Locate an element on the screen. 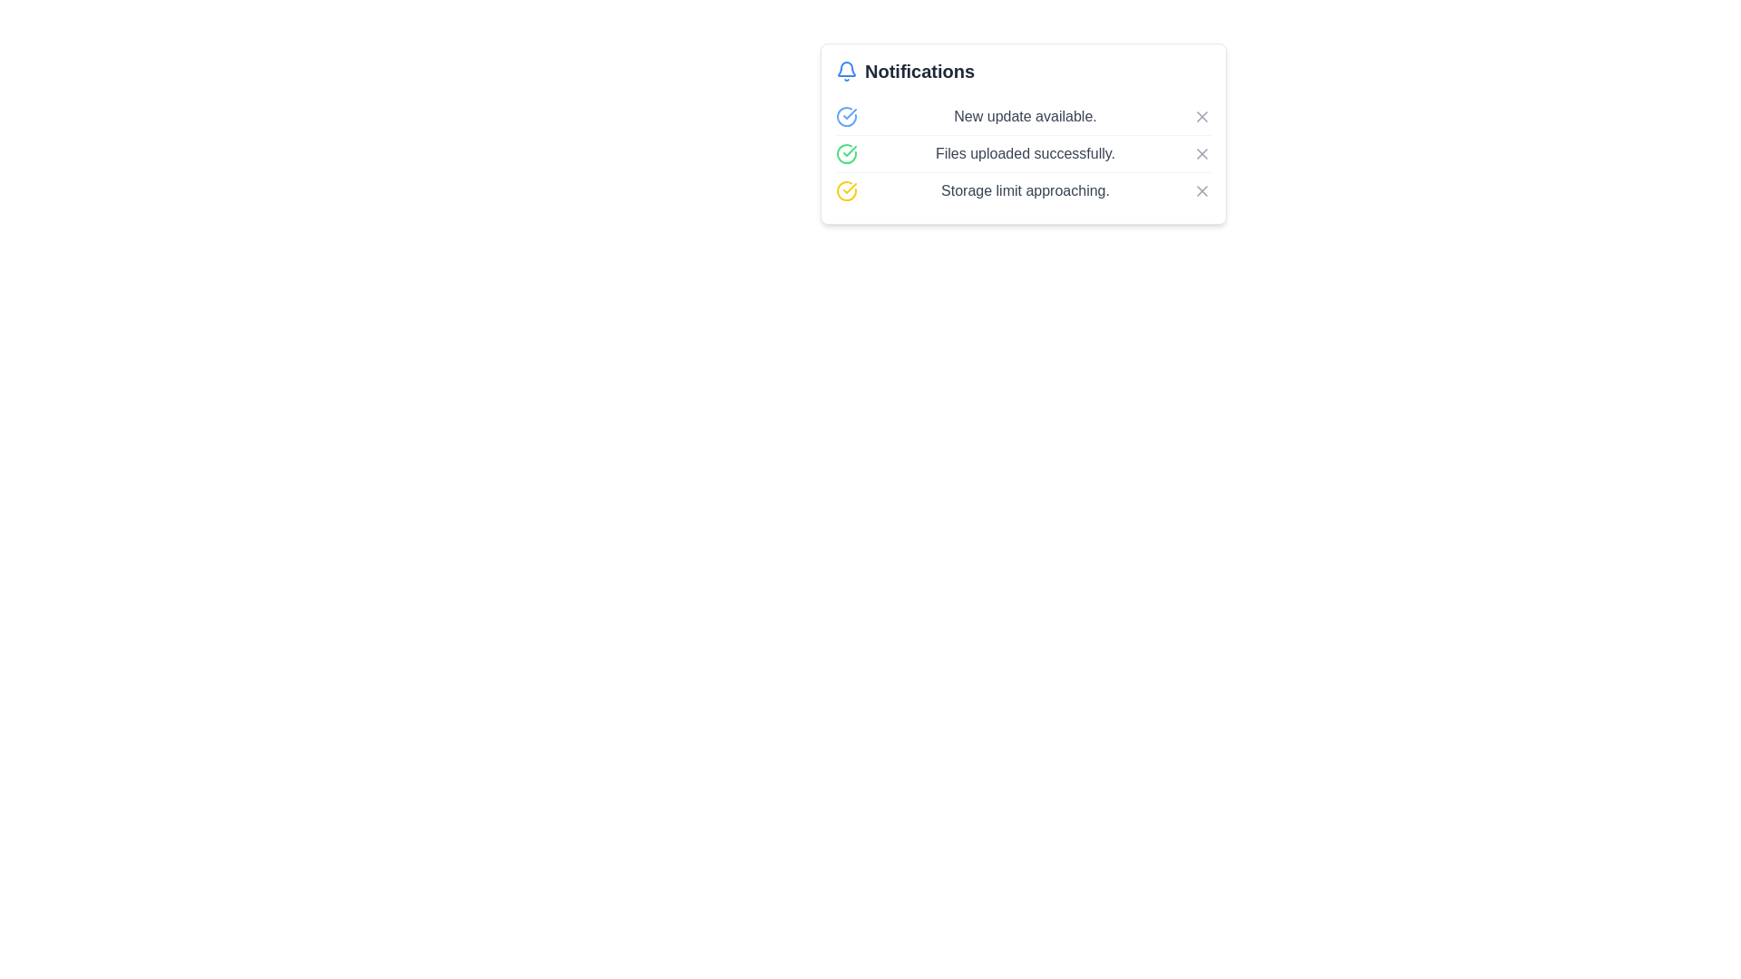 This screenshot has width=1741, height=979. the third notification text label that informs the user about nearing storage limit, positioned below the 'Files uploaded successfully.' message is located at coordinates (1026, 191).